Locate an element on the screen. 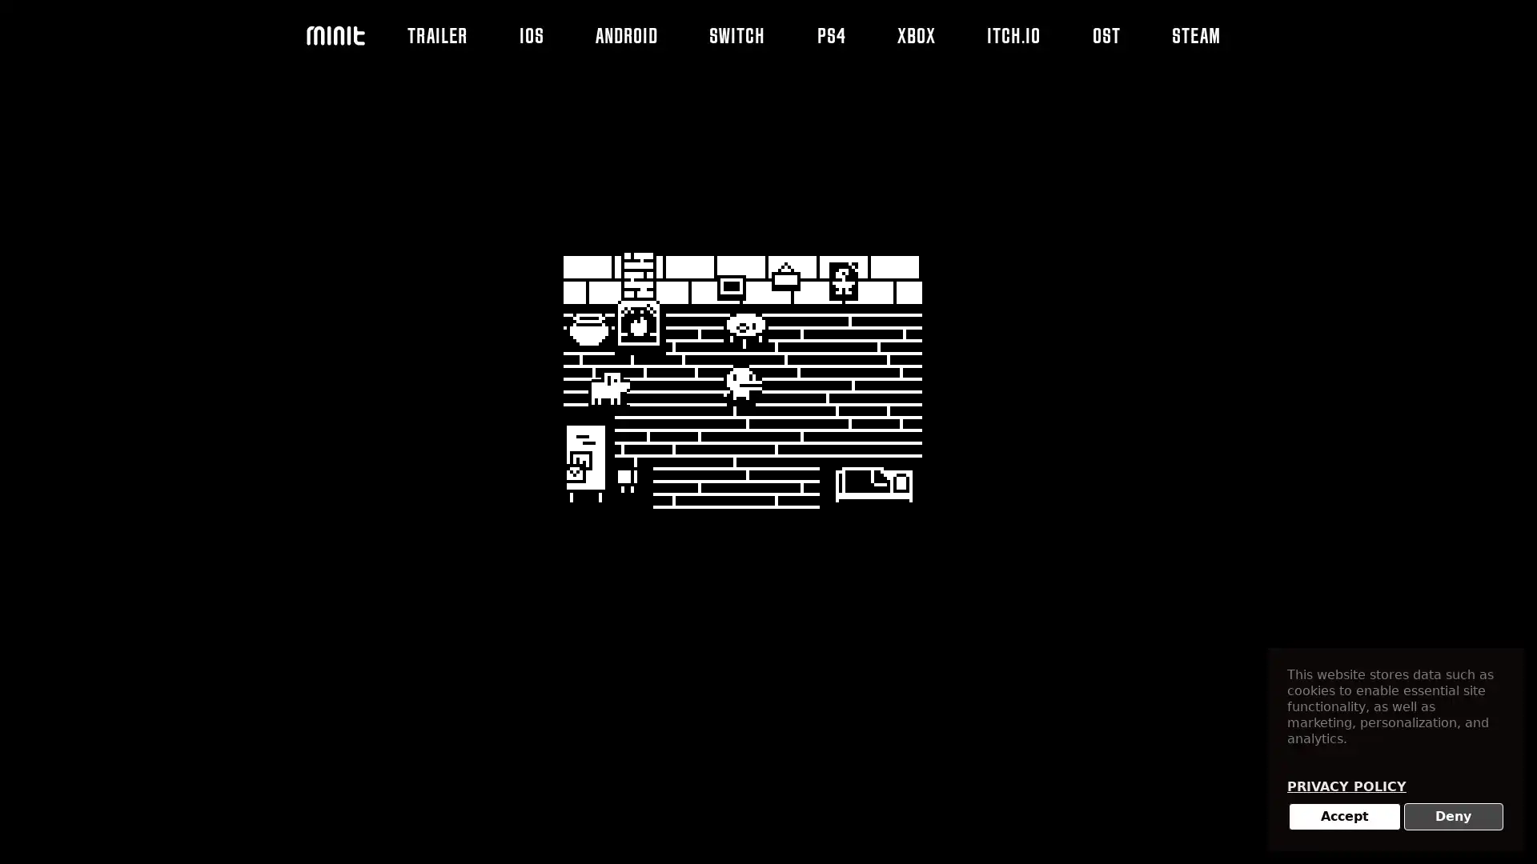  Deny is located at coordinates (1453, 817).